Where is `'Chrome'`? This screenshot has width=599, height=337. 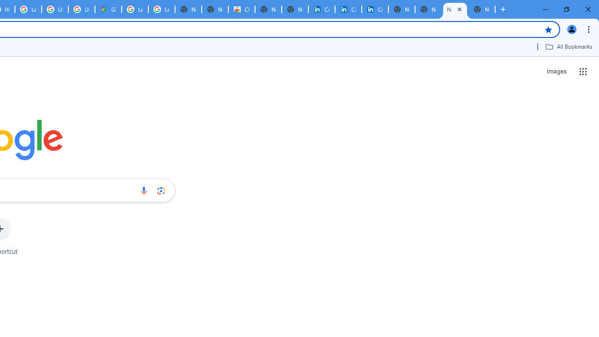
'Chrome' is located at coordinates (589, 29).